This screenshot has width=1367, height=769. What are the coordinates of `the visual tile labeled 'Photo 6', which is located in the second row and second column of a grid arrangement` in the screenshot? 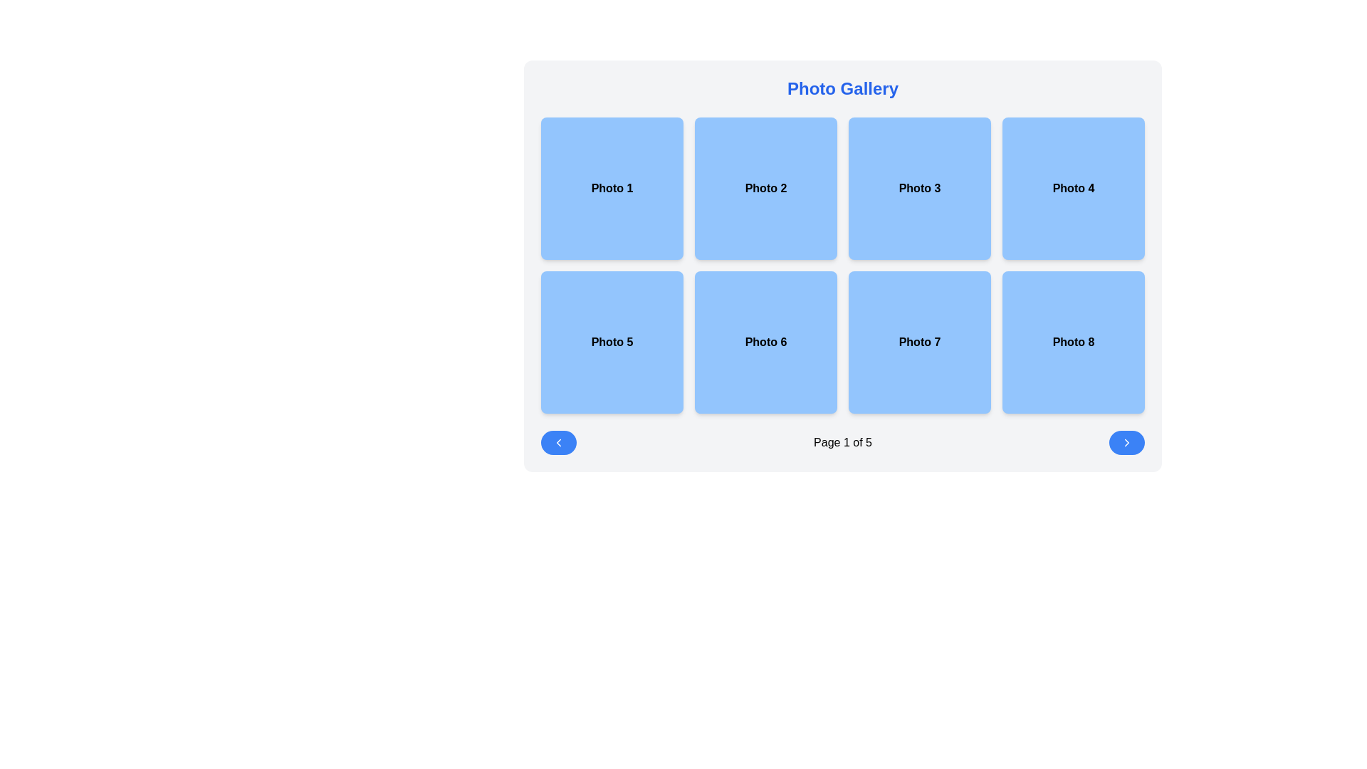 It's located at (765, 342).